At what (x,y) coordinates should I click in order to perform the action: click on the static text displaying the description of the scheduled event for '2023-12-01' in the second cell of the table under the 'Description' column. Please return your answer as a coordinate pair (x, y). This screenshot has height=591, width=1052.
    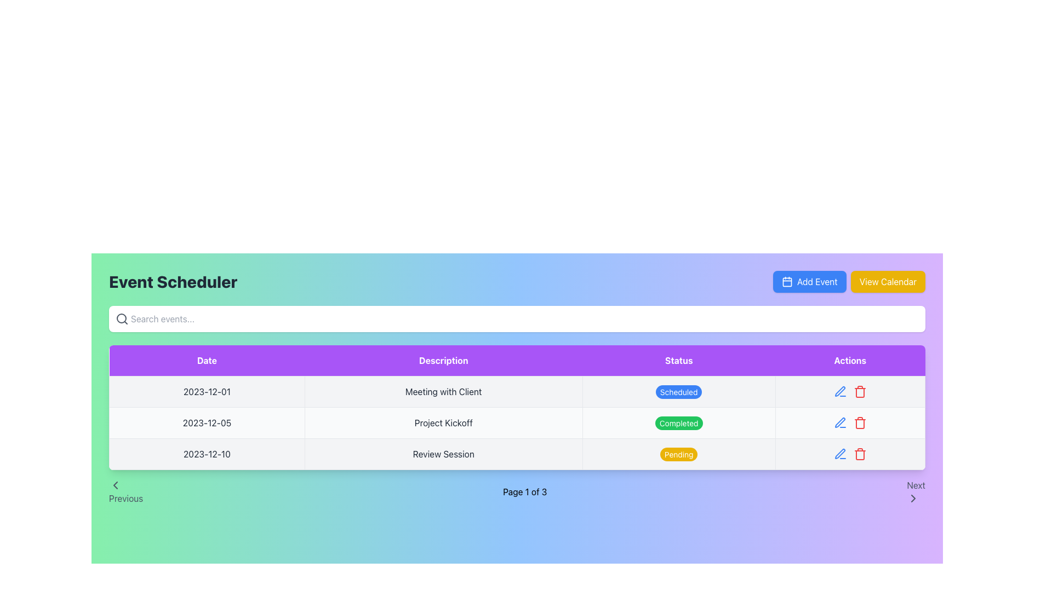
    Looking at the image, I should click on (443, 391).